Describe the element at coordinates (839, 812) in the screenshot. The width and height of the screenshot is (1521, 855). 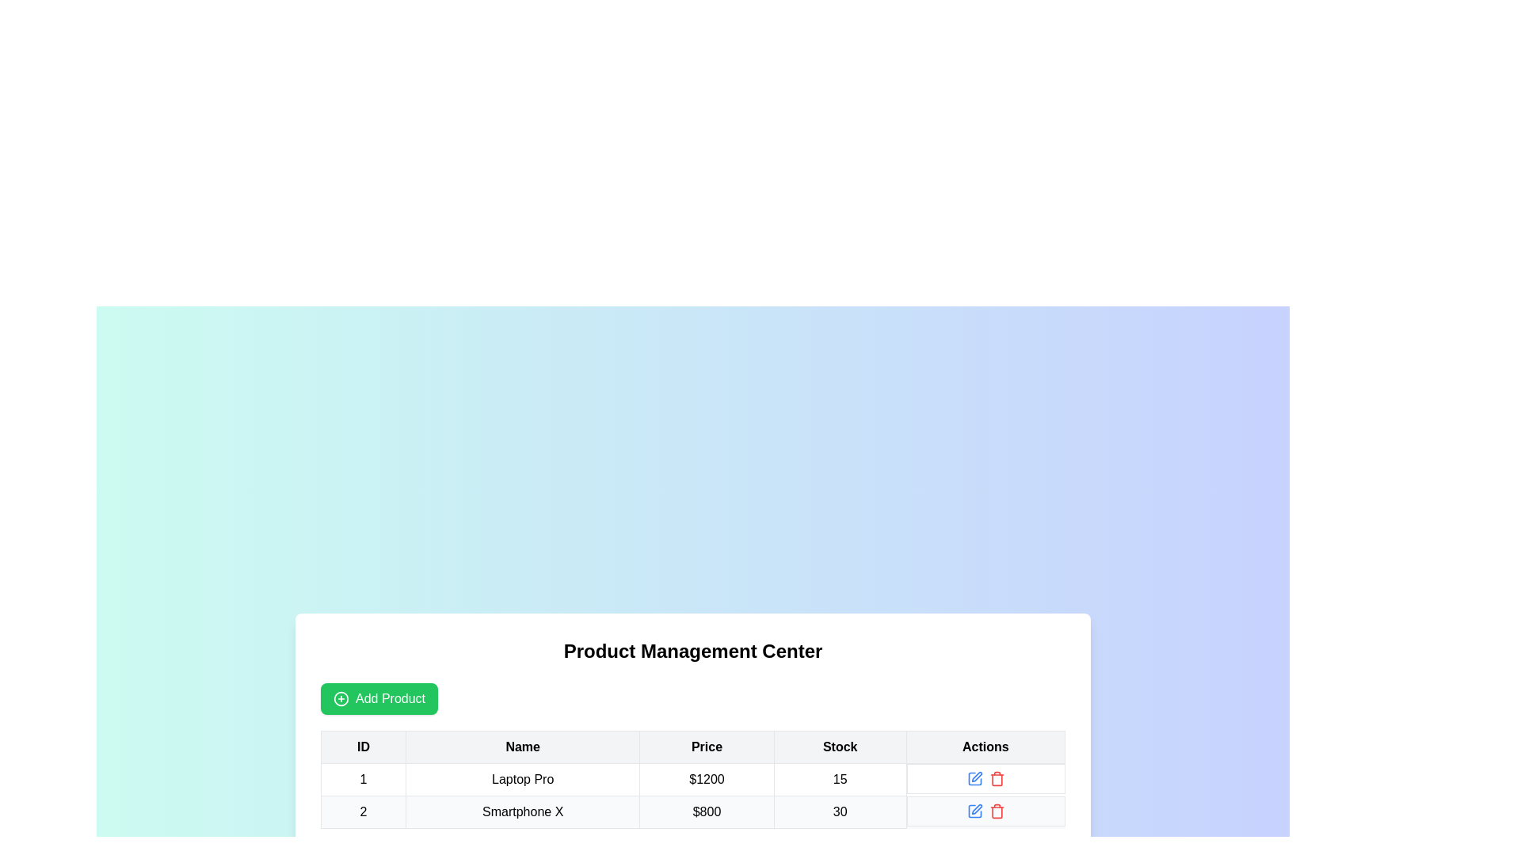
I see `the static text displaying the stock quantity for 'Smartphone X' in the fourth cell of the second row of the table labeled 'Stock'` at that location.